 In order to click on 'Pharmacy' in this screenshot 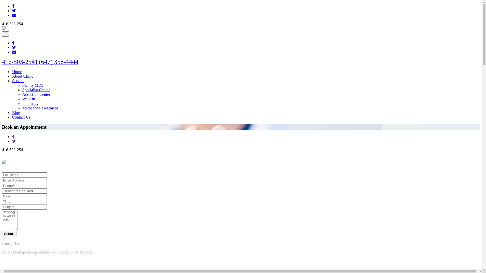, I will do `click(30, 103)`.